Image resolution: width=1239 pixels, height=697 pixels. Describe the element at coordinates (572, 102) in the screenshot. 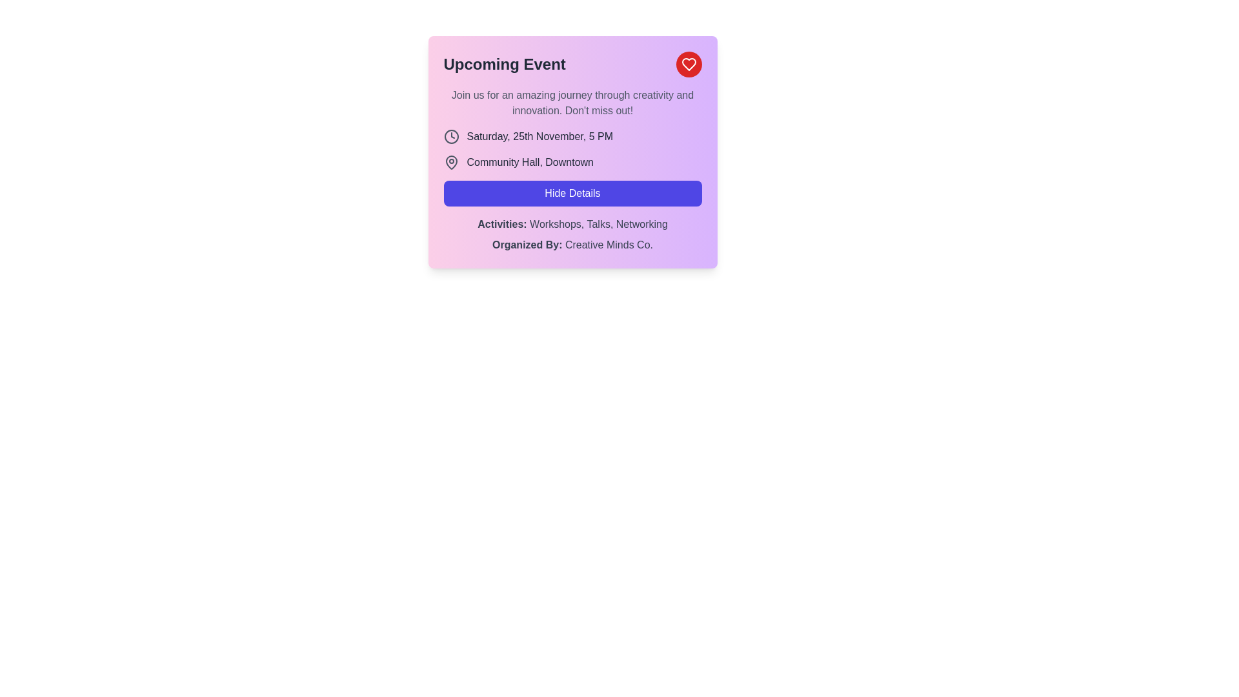

I see `text block located beneath the title 'Upcoming Event' to understand the event description` at that location.